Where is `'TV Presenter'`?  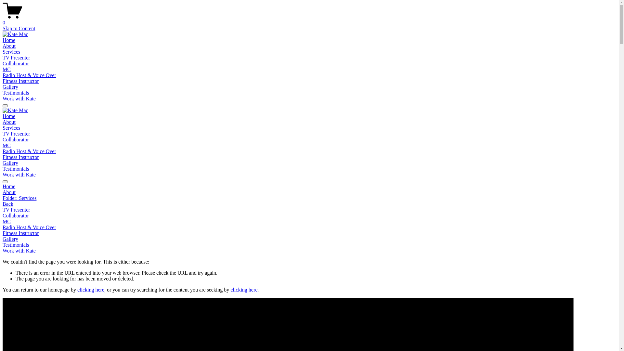
'TV Presenter' is located at coordinates (309, 210).